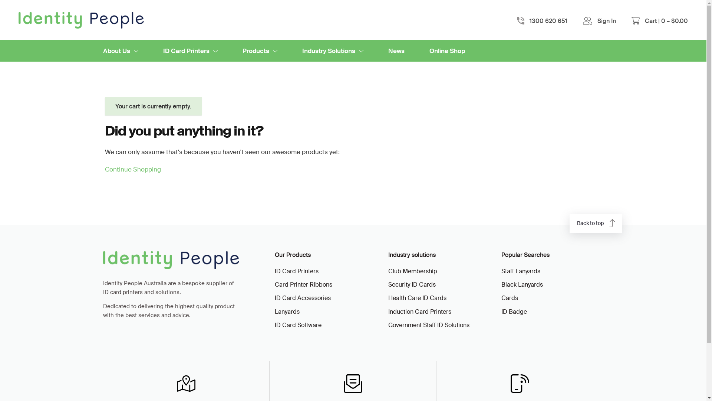 This screenshot has height=401, width=712. What do you see at coordinates (438, 325) in the screenshot?
I see `'Government Staff ID Solutions'` at bounding box center [438, 325].